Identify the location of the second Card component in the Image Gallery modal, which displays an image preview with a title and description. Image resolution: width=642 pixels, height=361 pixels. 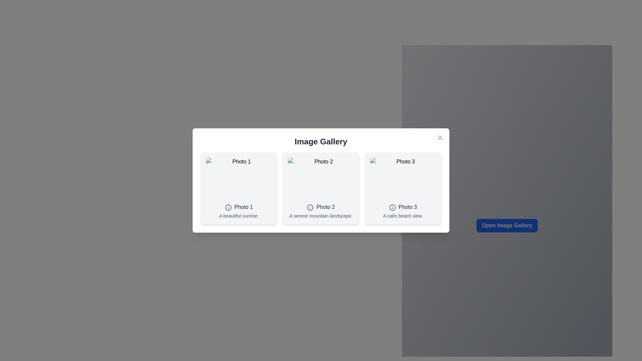
(321, 188).